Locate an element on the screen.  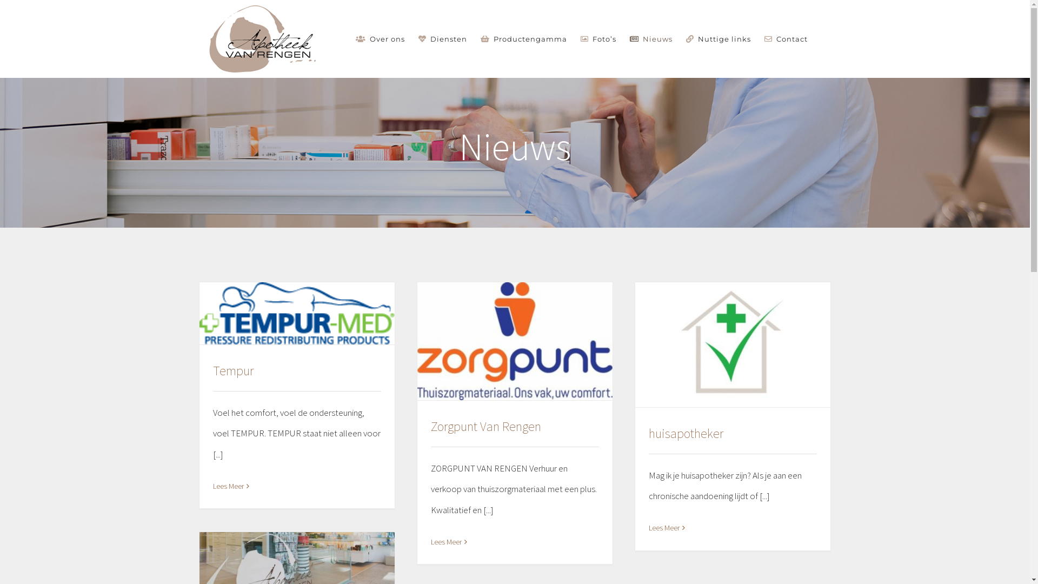
'Productengamma' is located at coordinates (524, 38).